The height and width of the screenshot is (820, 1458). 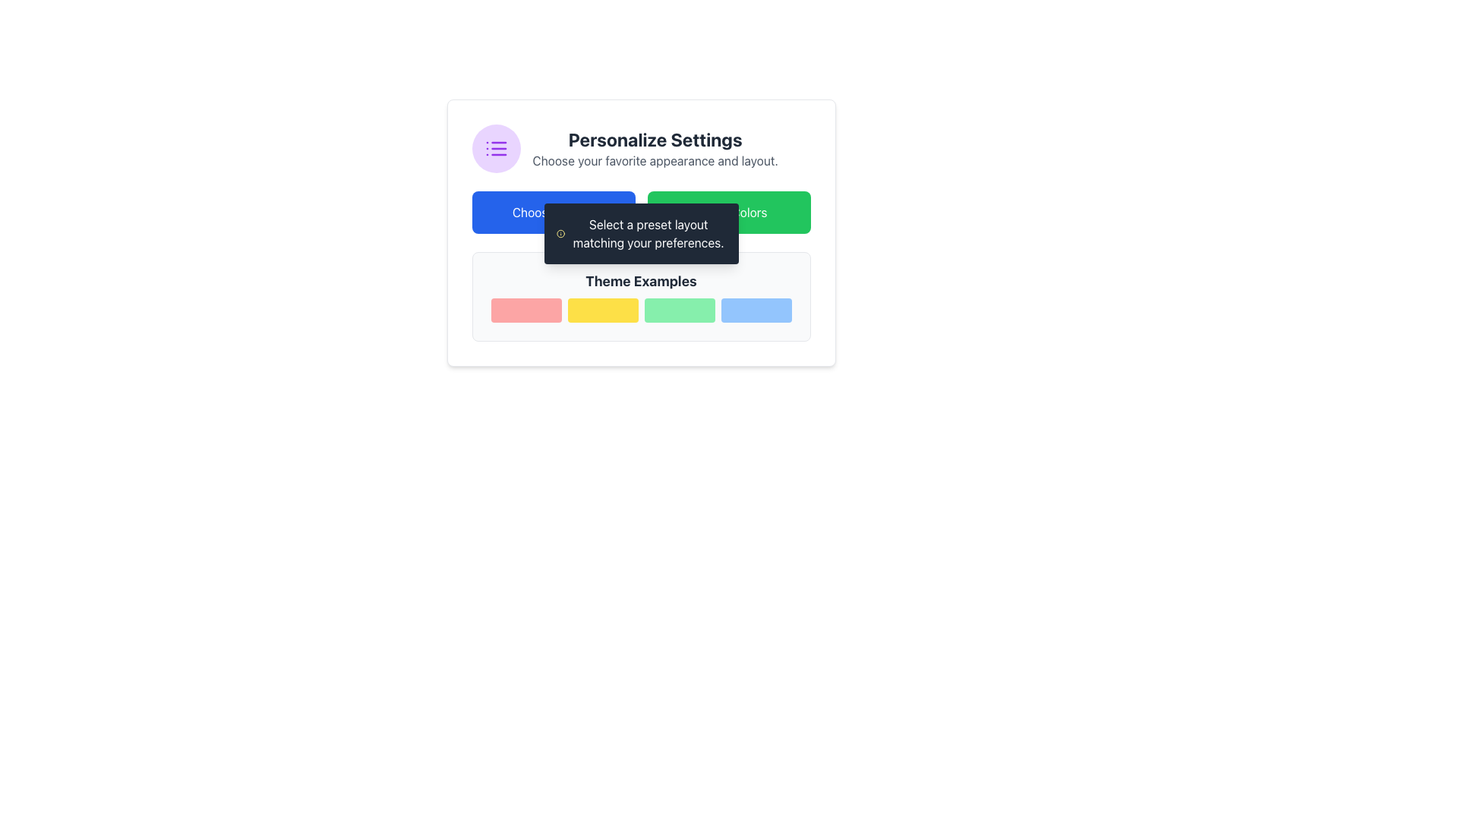 I want to click on the text element displaying 'Choose your favorite appearance and layout.' which is located below the 'Personalize Settings' heading, so click(x=655, y=161).